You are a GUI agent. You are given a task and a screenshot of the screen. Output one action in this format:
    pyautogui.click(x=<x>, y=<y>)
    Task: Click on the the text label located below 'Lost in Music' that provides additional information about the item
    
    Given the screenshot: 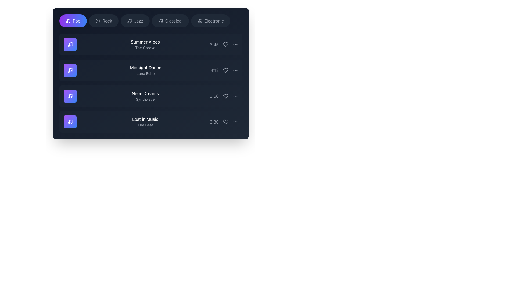 What is the action you would take?
    pyautogui.click(x=145, y=125)
    